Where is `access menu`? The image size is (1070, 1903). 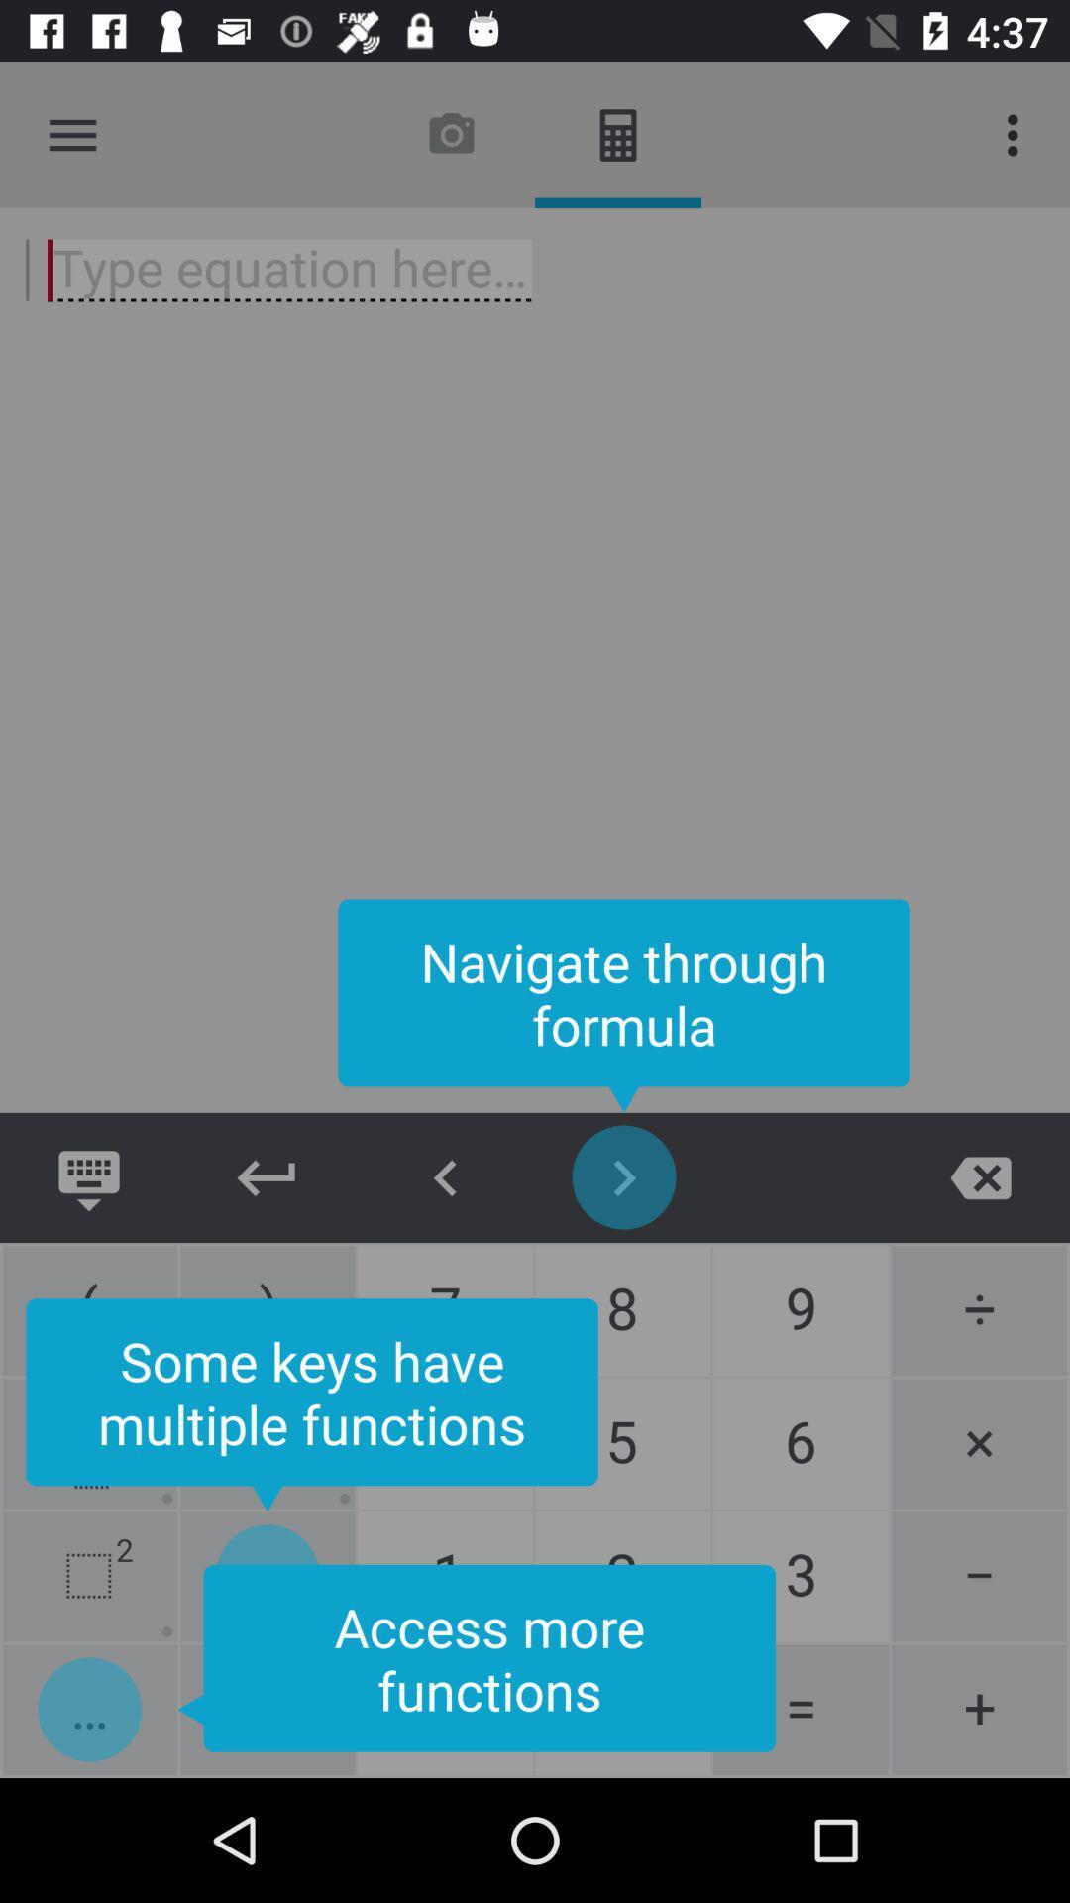 access menu is located at coordinates (71, 134).